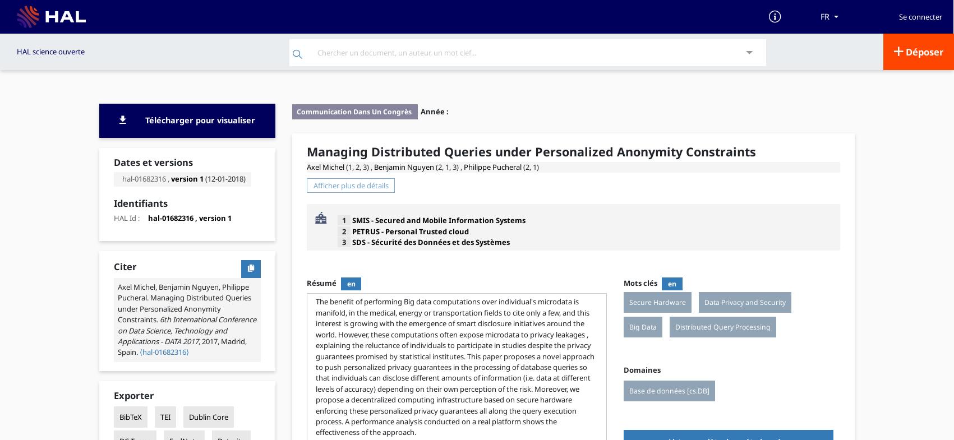  Describe the element at coordinates (448, 165) in the screenshot. I see `'(2, 1, 3)
            
                            ,'` at that location.